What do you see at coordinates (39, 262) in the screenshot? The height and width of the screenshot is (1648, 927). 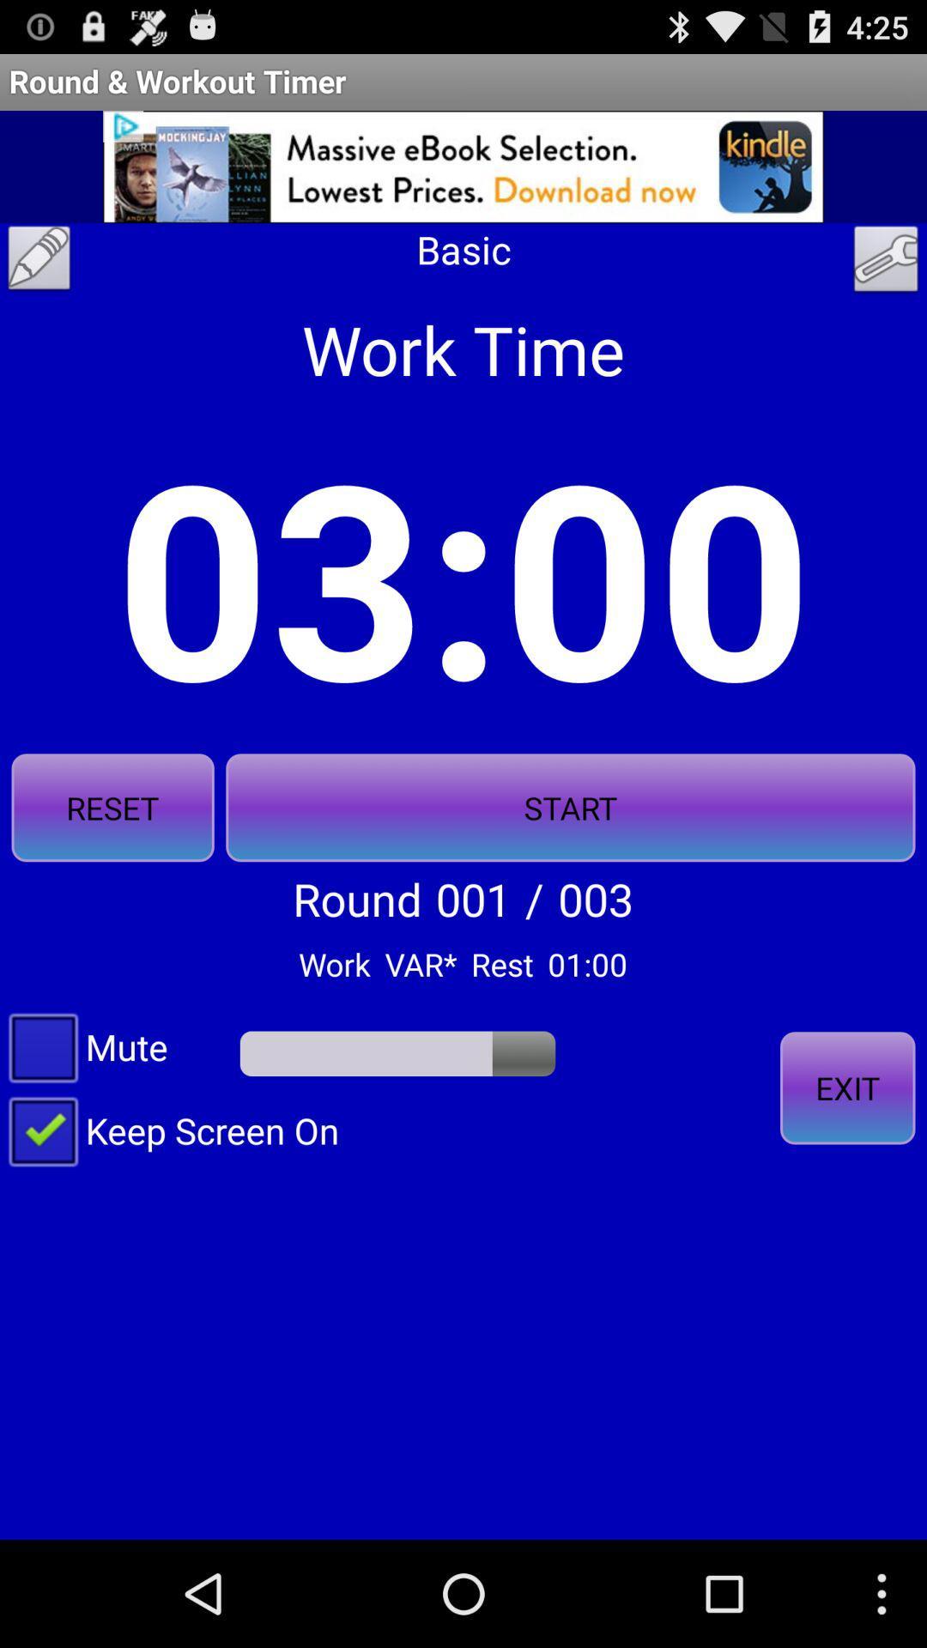 I see `edit title` at bounding box center [39, 262].